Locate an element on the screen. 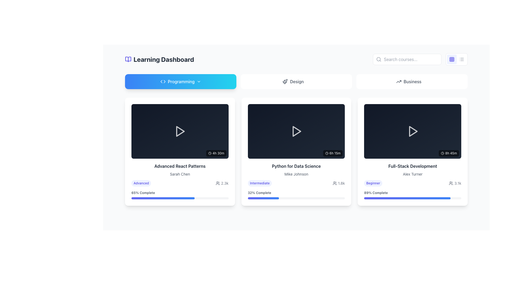 The width and height of the screenshot is (514, 289). the second card in the grid layout, which has a white background, rounded corners, and contains a title, subtitle, and progress bar is located at coordinates (296, 152).